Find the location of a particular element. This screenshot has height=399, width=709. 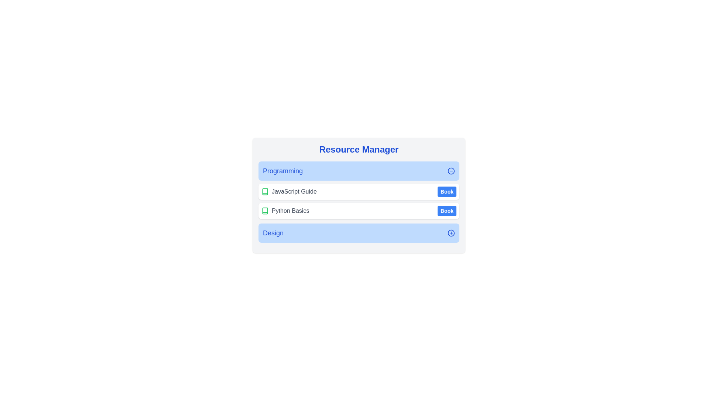

the category header to expand or collapse it. Use the parameter Design to specify the category is located at coordinates (359, 233).